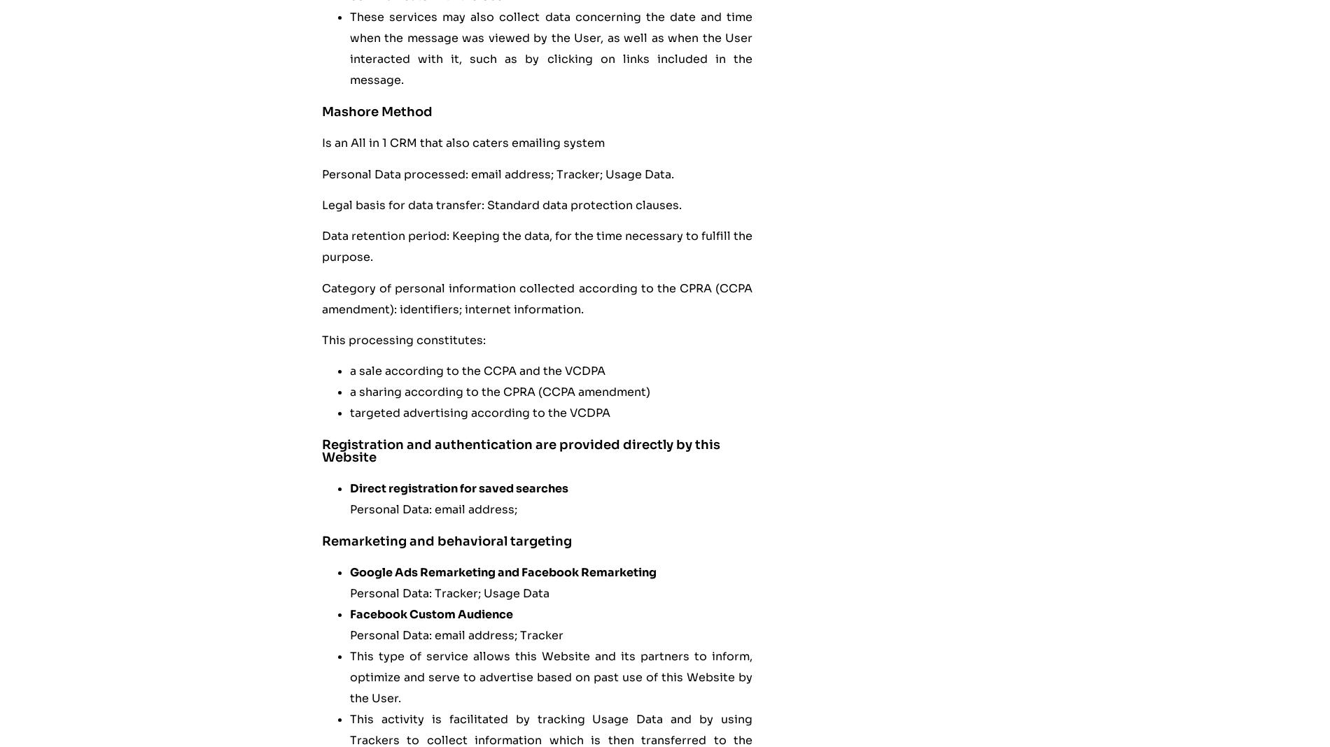  Describe the element at coordinates (465, 143) in the screenshot. I see `'Is an All in 1 CRM that also caters emailing system'` at that location.